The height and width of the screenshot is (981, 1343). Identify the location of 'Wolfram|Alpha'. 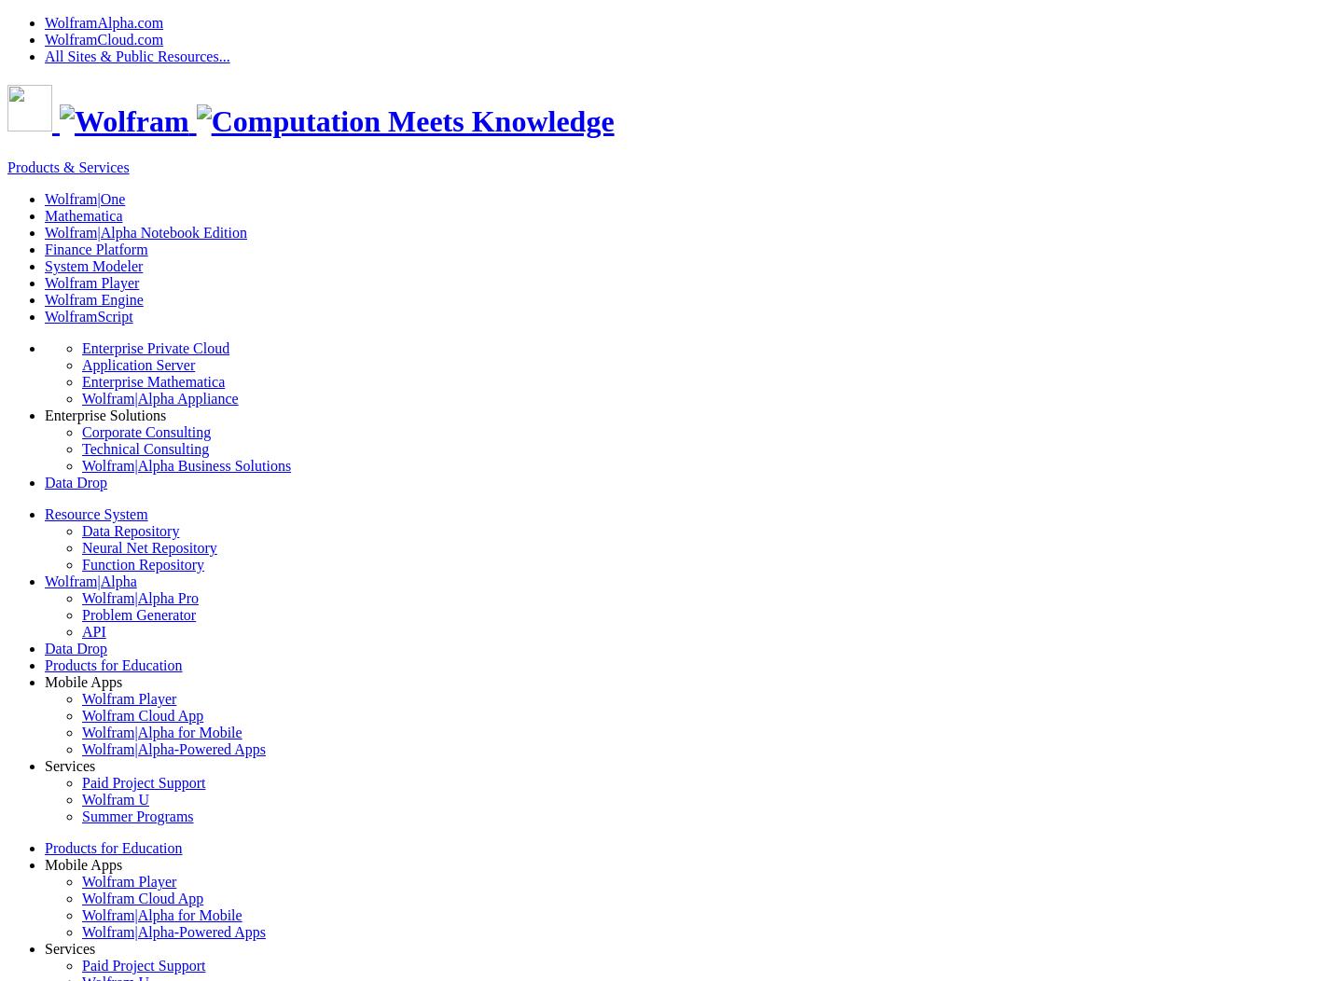
(90, 580).